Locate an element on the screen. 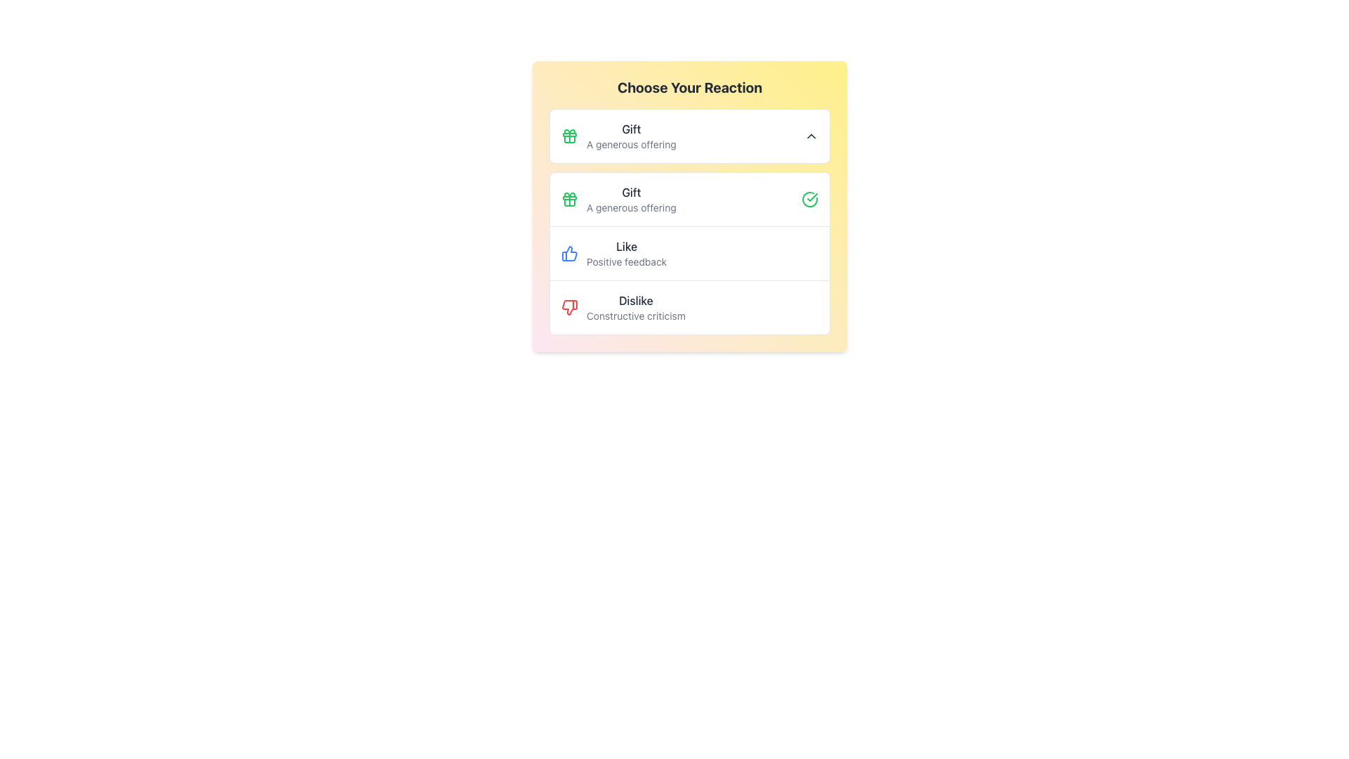 This screenshot has height=759, width=1349. the 'Dislike' clickable option with the text 'Constructive criticism' is located at coordinates (635, 307).